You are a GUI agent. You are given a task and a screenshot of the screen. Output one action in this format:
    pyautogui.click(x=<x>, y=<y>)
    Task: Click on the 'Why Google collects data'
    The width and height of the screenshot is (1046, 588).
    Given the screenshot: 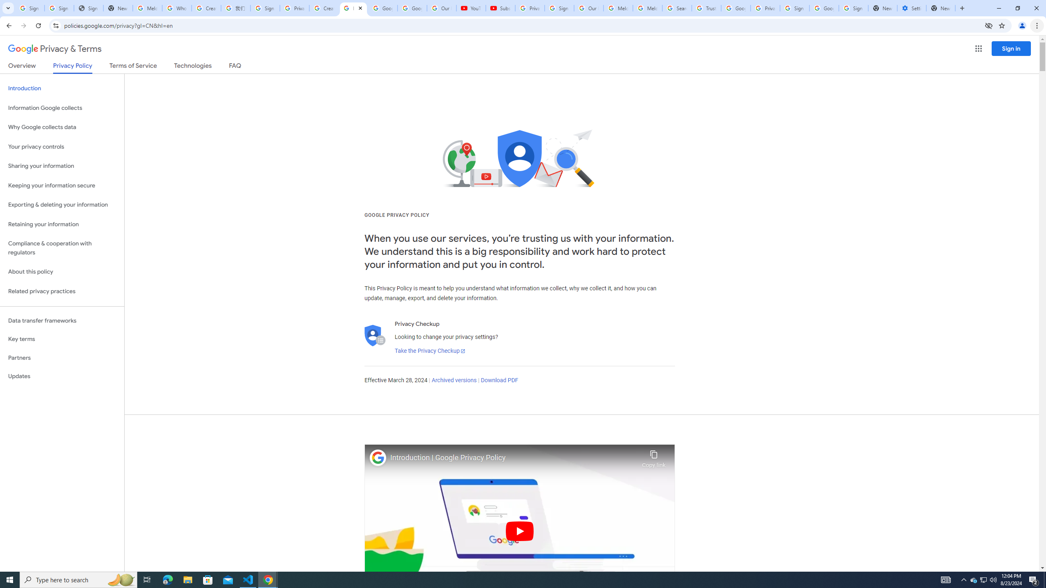 What is the action you would take?
    pyautogui.click(x=62, y=127)
    